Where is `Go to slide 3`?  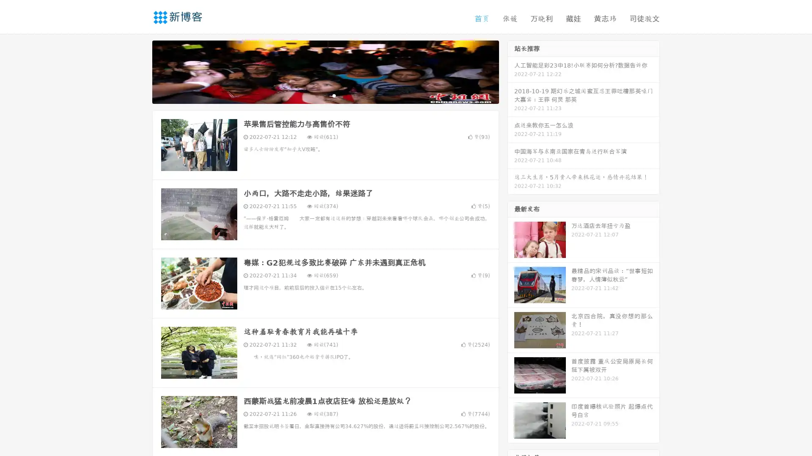 Go to slide 3 is located at coordinates (334, 95).